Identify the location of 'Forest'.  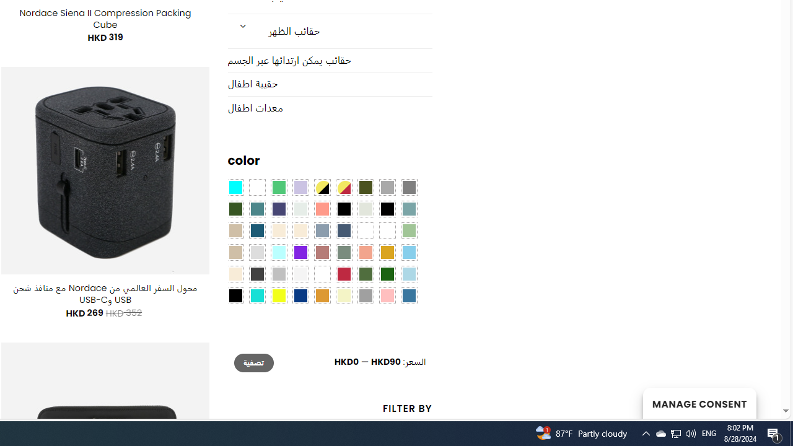
(235, 209).